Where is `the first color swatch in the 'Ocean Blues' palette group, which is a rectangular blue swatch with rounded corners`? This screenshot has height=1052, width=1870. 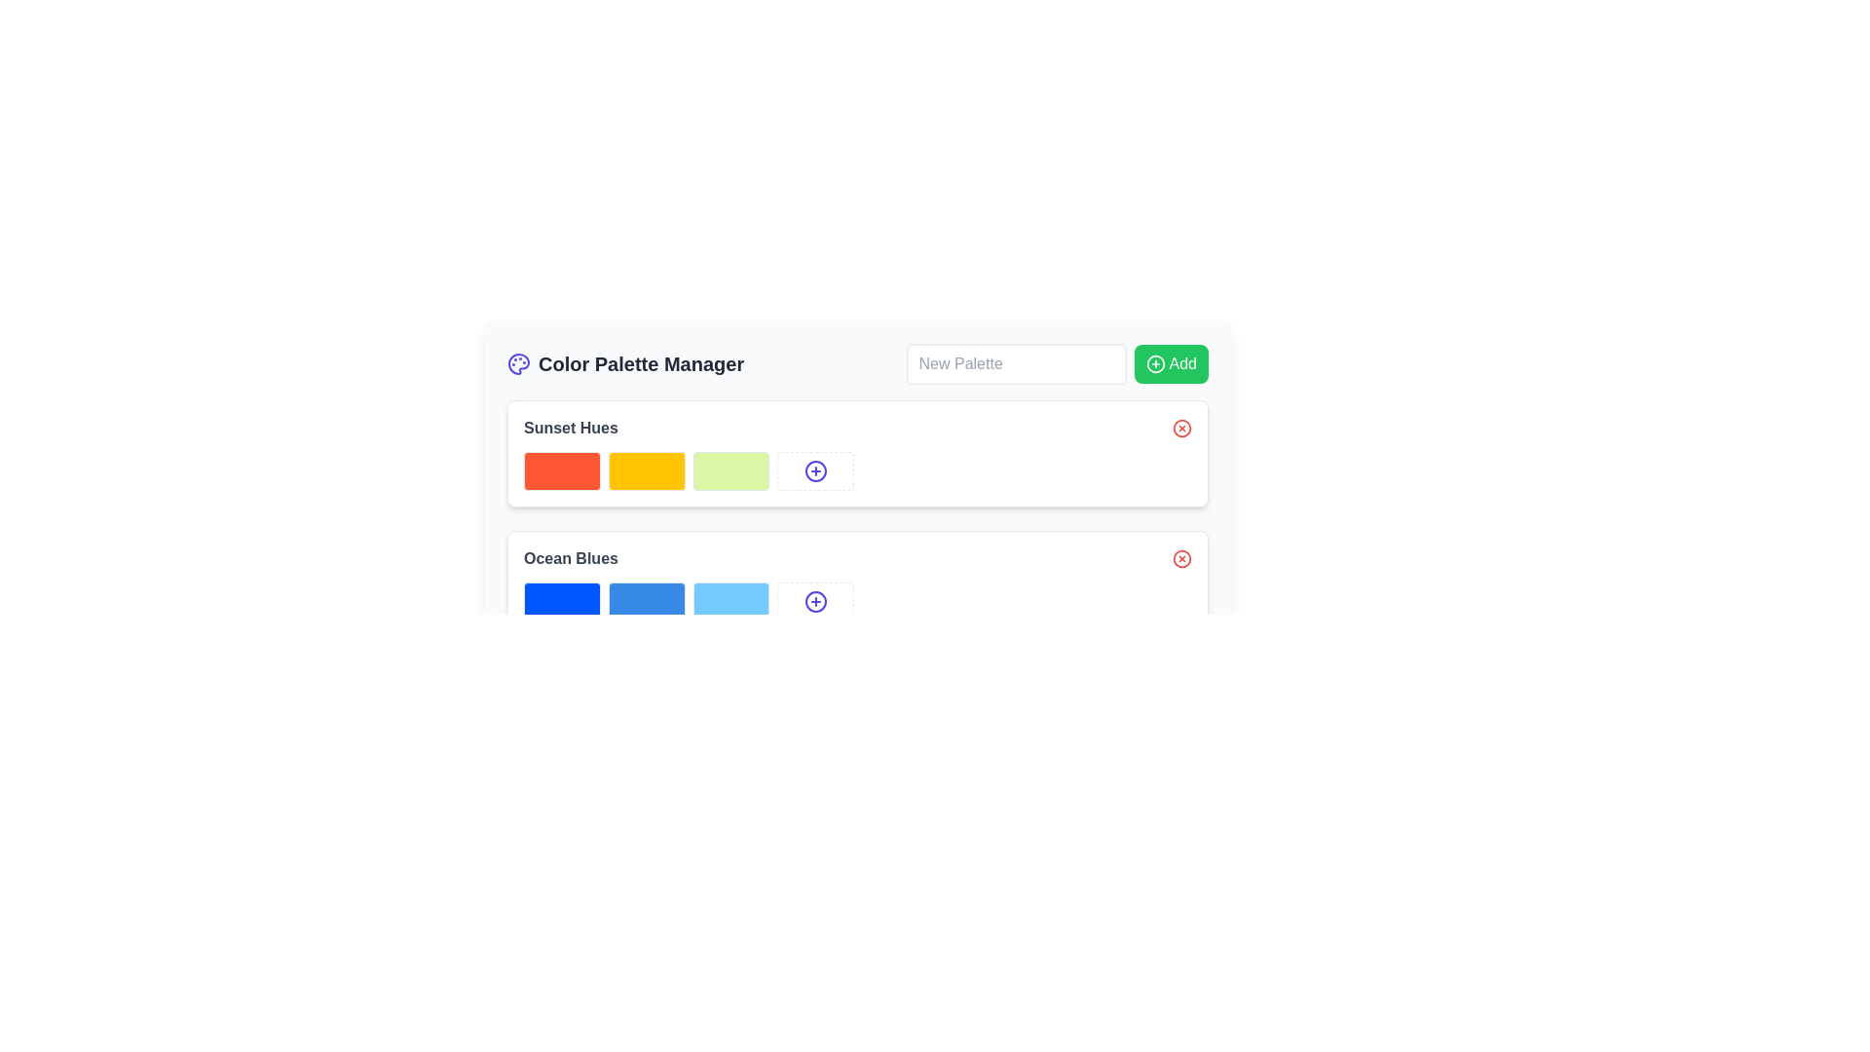
the first color swatch in the 'Ocean Blues' palette group, which is a rectangular blue swatch with rounded corners is located at coordinates (561, 600).